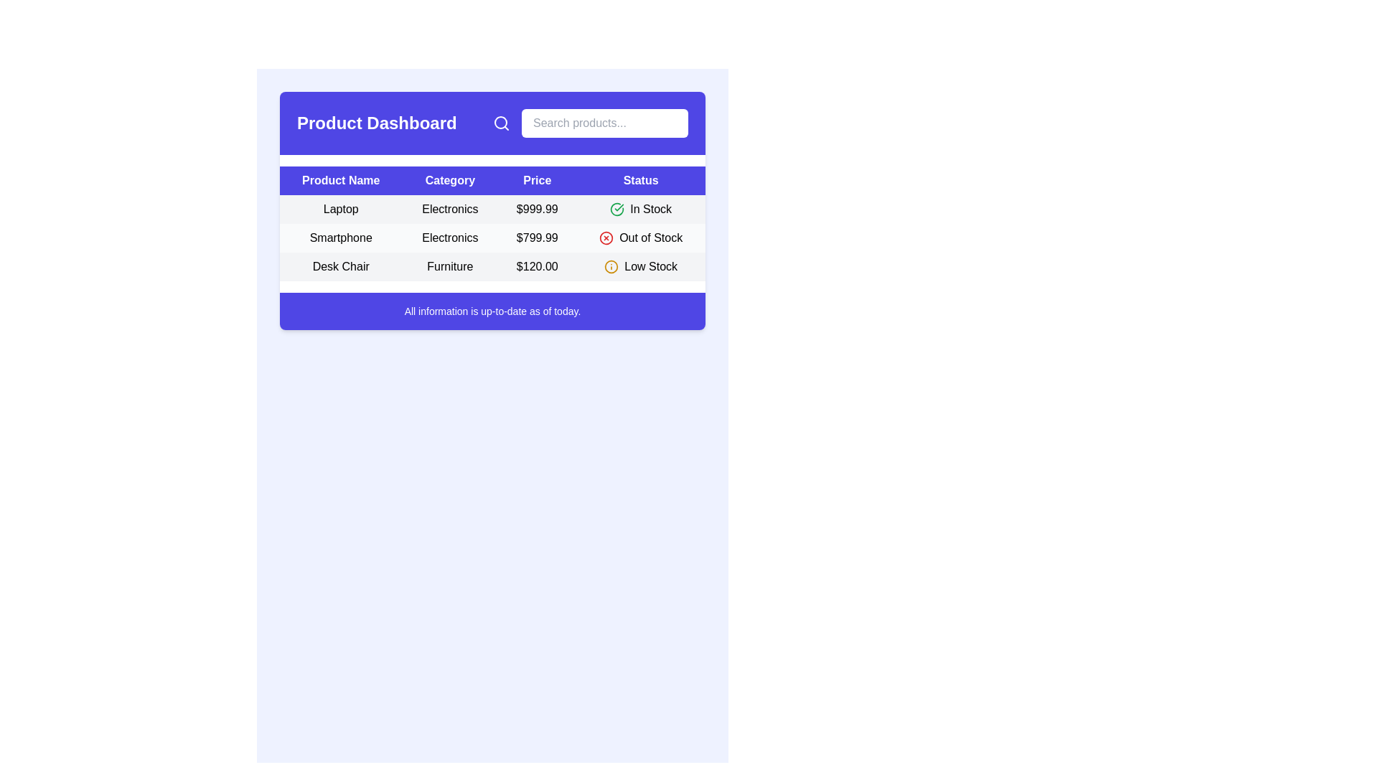 This screenshot has height=775, width=1378. I want to click on informational text displaying 'All information is up-to-date as of today.' located at the bottom of the interface, within a purple rectangular background, so click(492, 311).